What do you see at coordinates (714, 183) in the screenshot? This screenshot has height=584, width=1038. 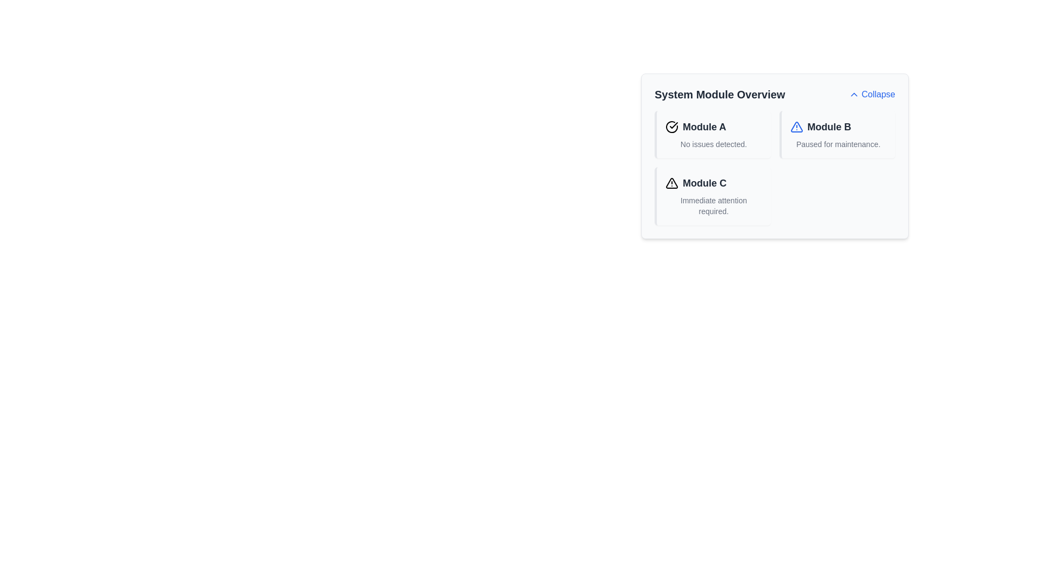 I see `the 'Module C' label, which is styled in bold dark gray and located next to a red triangular alert icon within the card panel` at bounding box center [714, 183].